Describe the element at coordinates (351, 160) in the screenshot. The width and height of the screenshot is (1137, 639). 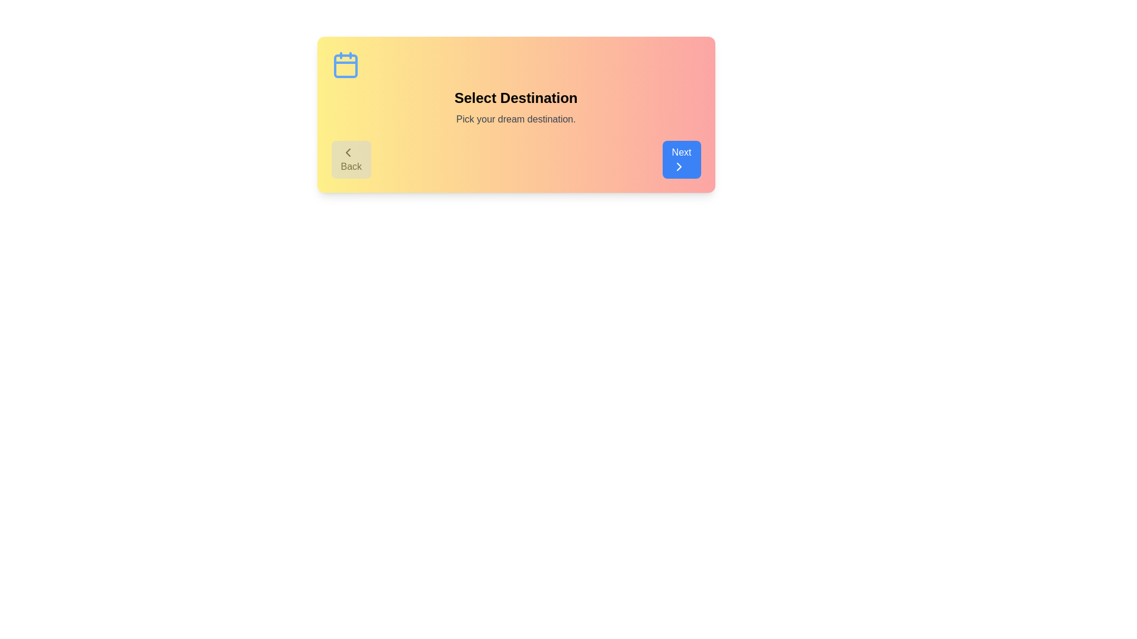
I see `'Back' button to navigate to the previous step` at that location.